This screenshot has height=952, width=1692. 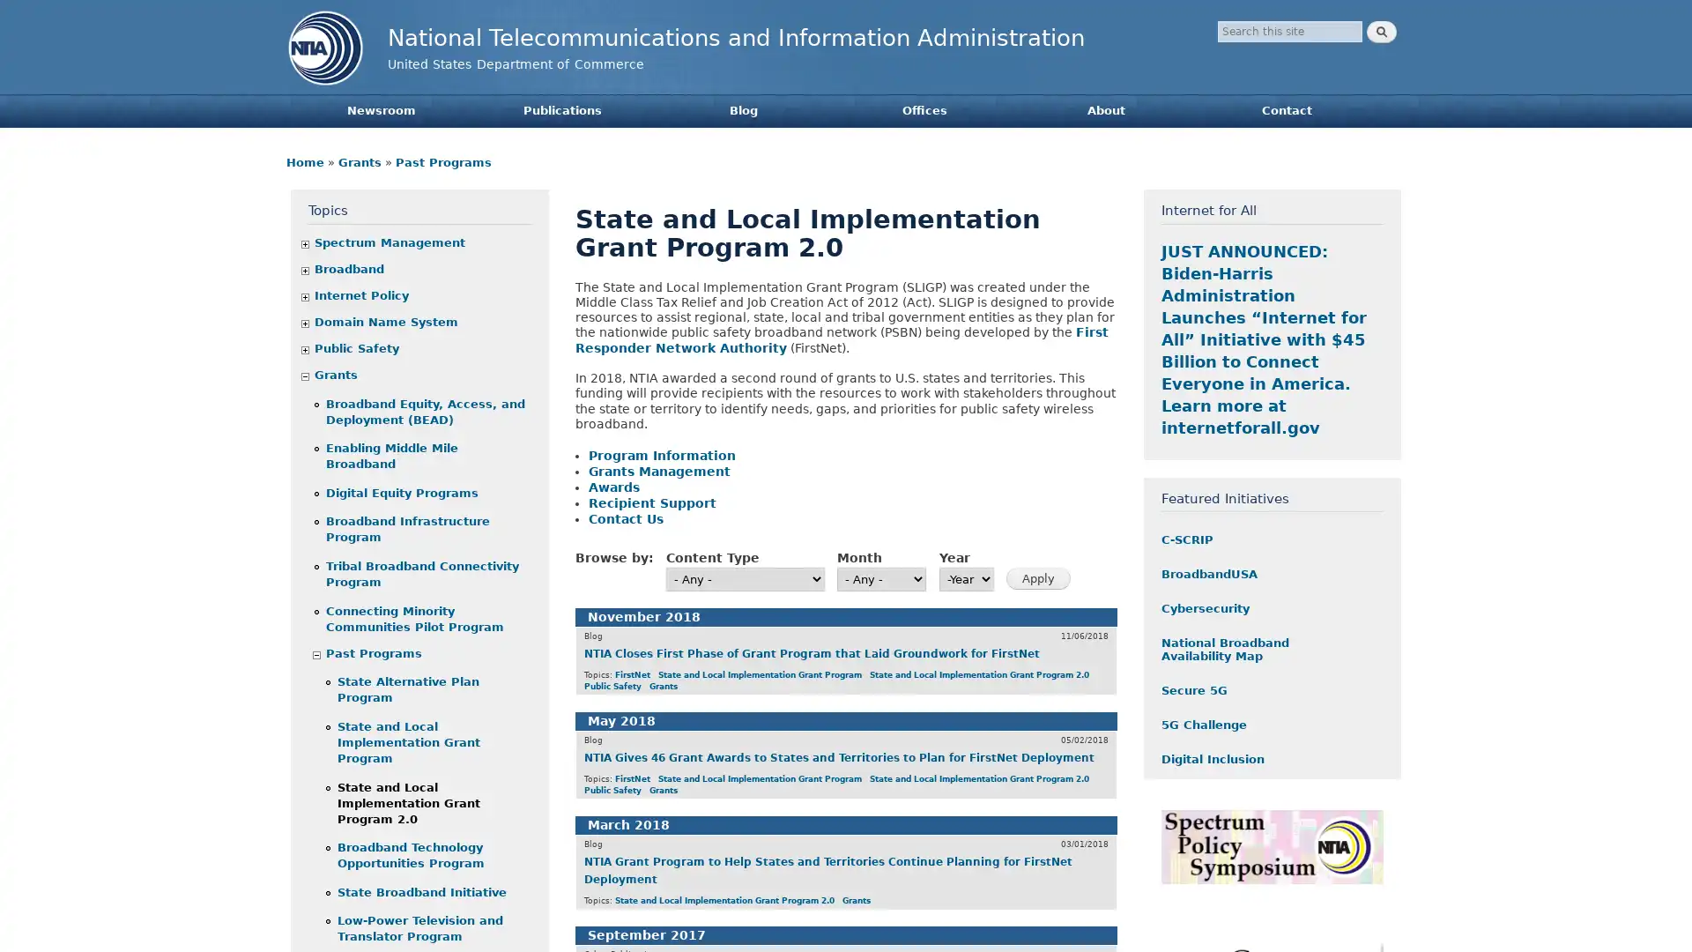 I want to click on Apply, so click(x=1038, y=578).